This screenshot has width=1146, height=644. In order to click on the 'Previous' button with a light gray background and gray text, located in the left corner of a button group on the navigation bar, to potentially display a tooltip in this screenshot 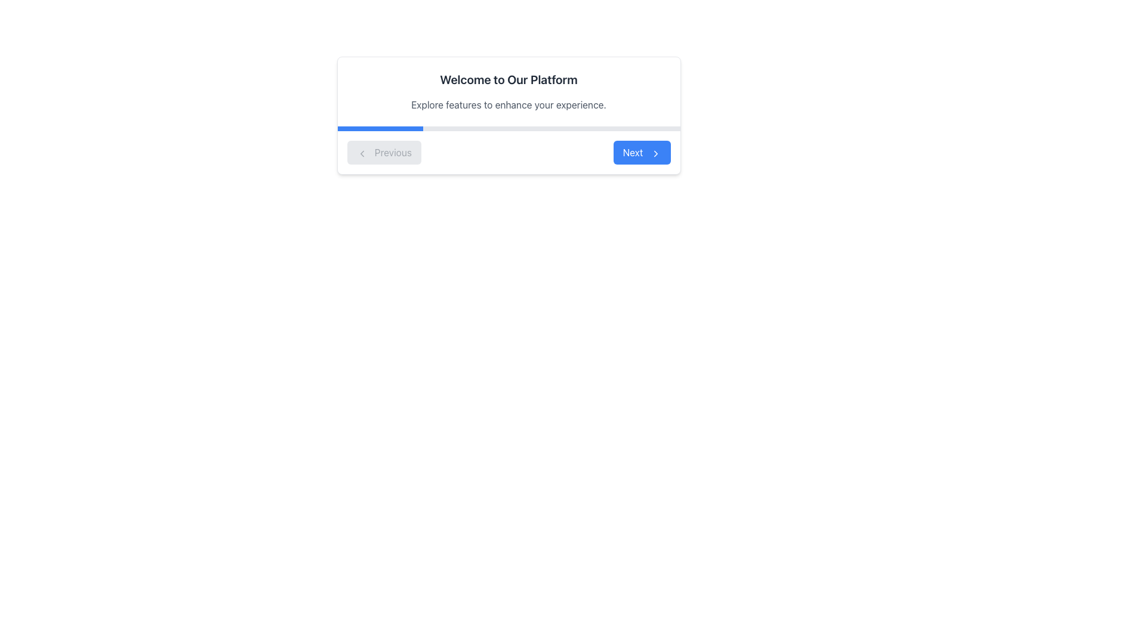, I will do `click(384, 151)`.